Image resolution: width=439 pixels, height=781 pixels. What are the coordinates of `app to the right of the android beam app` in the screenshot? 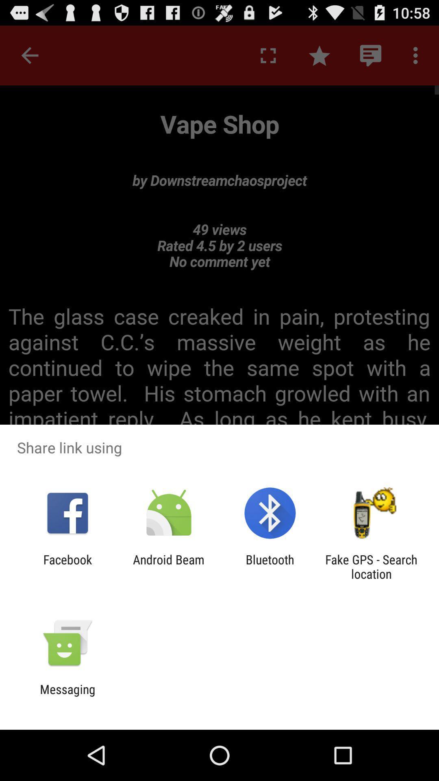 It's located at (270, 566).